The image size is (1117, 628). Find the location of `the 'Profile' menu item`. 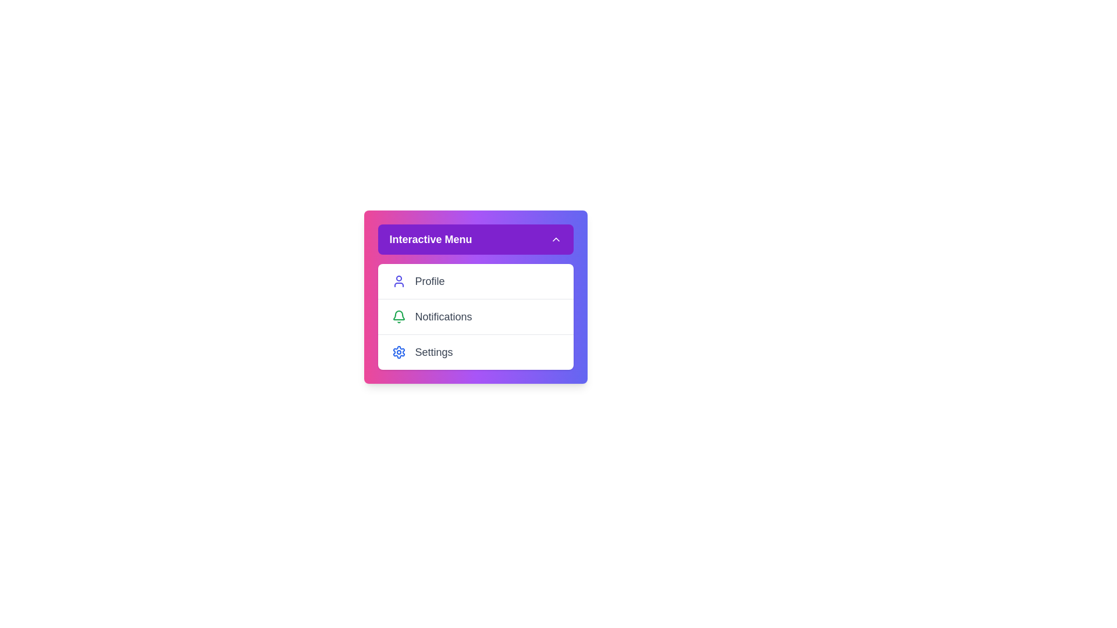

the 'Profile' menu item is located at coordinates (475, 281).